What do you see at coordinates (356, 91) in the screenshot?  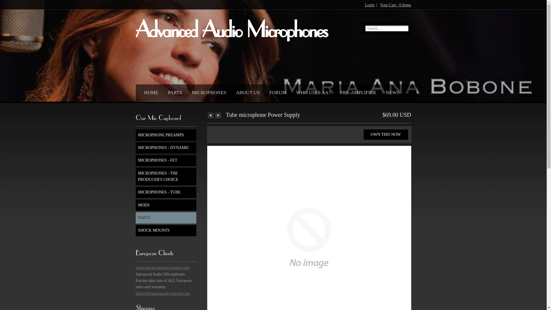 I see `'PRE-AMPLIFIER'` at bounding box center [356, 91].